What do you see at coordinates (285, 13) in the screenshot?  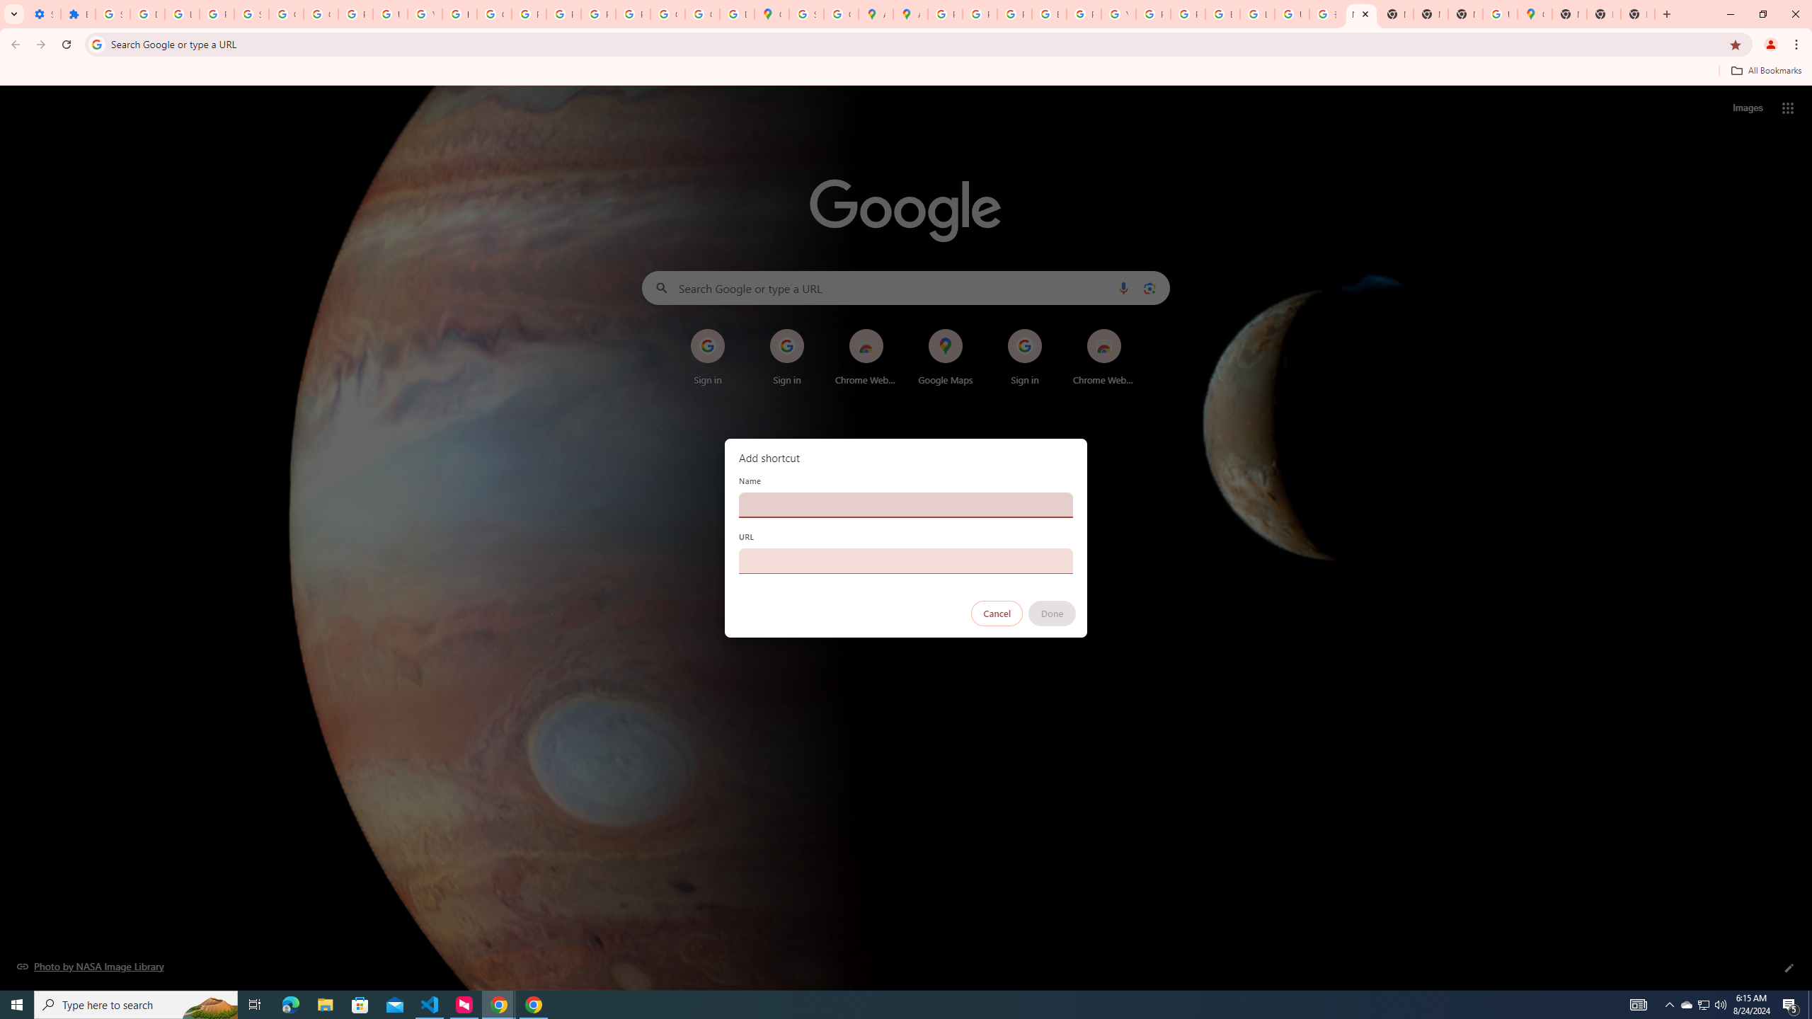 I see `'Google Account Help'` at bounding box center [285, 13].